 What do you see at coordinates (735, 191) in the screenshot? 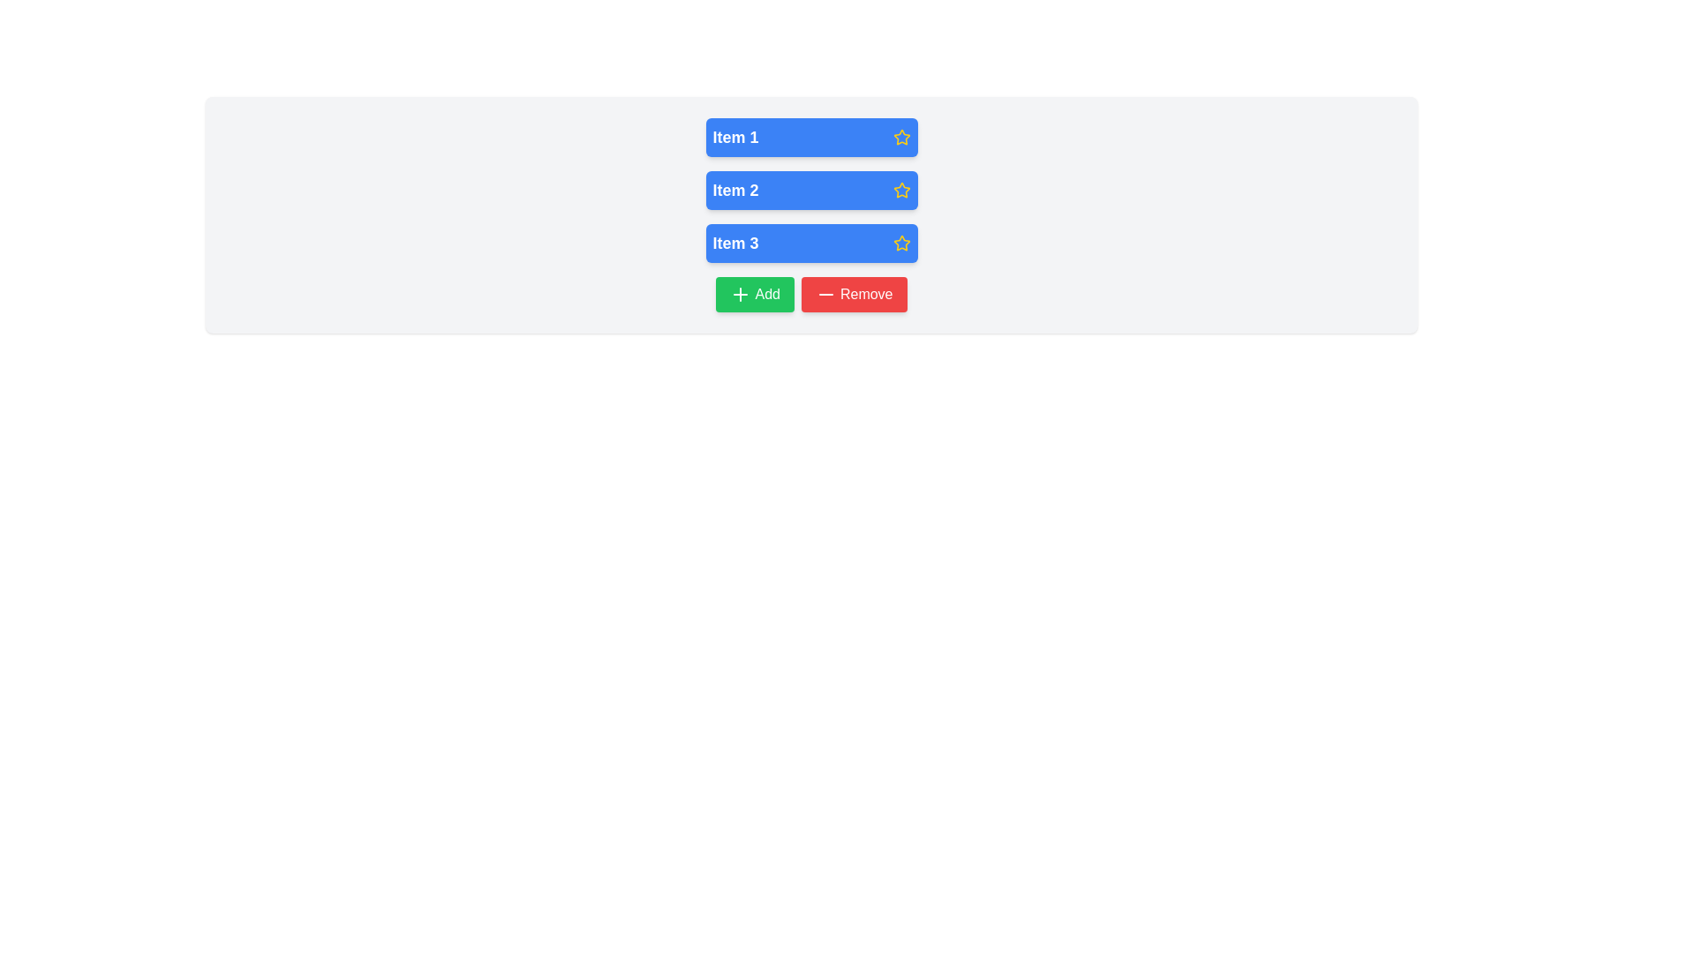
I see `the centered text label of the second button in a vertical stack of three blue buttons, which describes the content or purpose of the button and is aligned with the yellow star icon on its right` at bounding box center [735, 191].